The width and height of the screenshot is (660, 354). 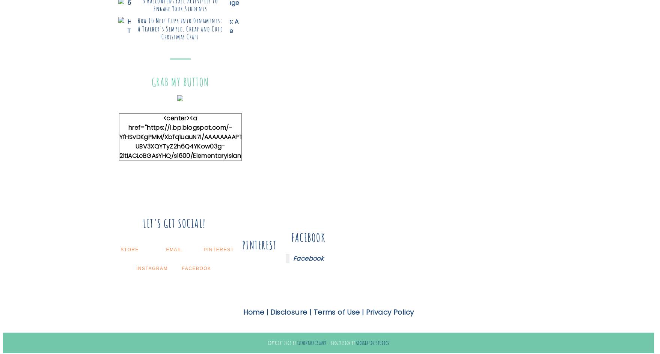 What do you see at coordinates (152, 268) in the screenshot?
I see `'Instagram'` at bounding box center [152, 268].